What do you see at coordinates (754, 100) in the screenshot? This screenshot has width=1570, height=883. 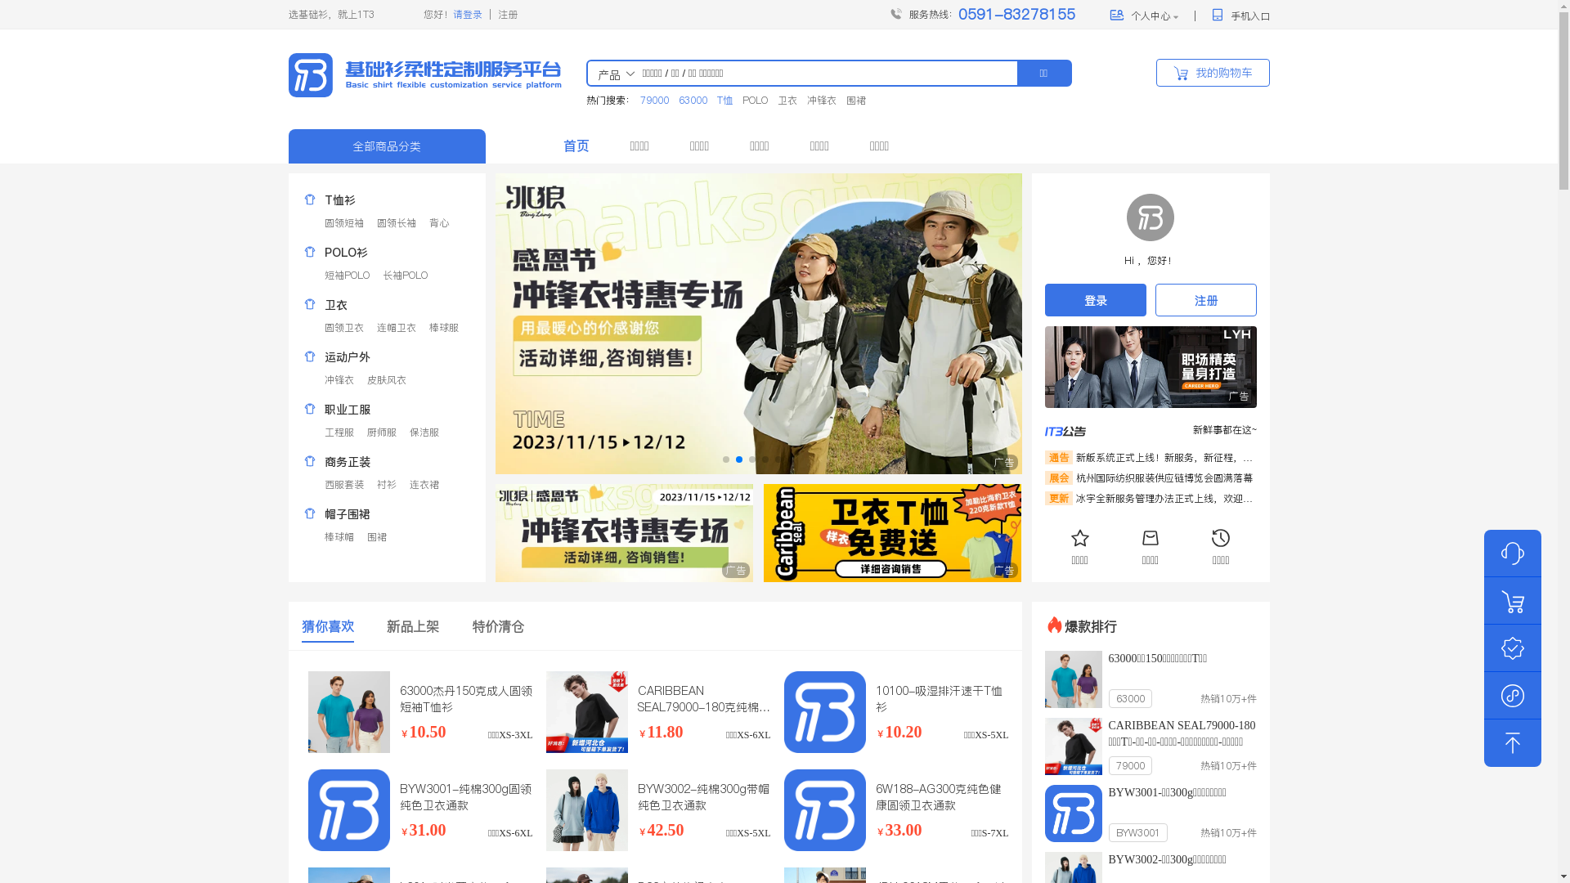 I see `'POLO'` at bounding box center [754, 100].